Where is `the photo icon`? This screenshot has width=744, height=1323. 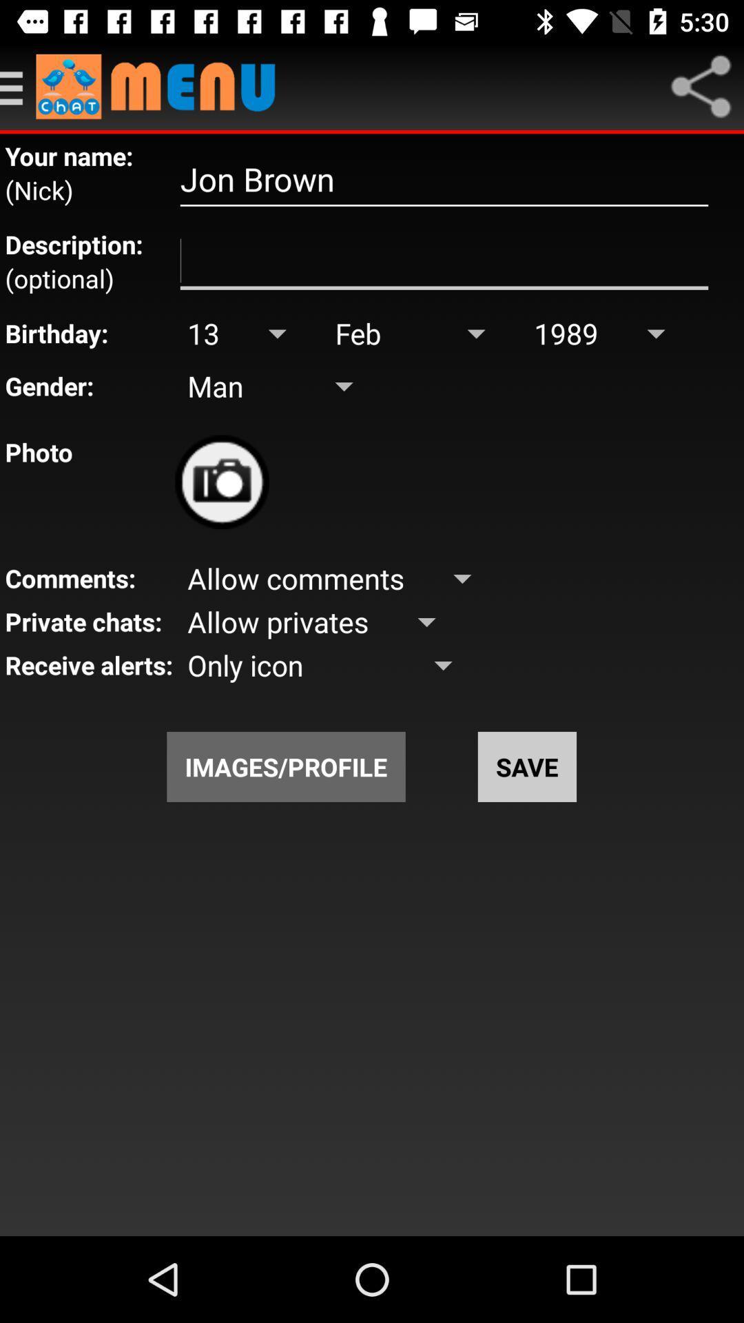 the photo icon is located at coordinates (221, 482).